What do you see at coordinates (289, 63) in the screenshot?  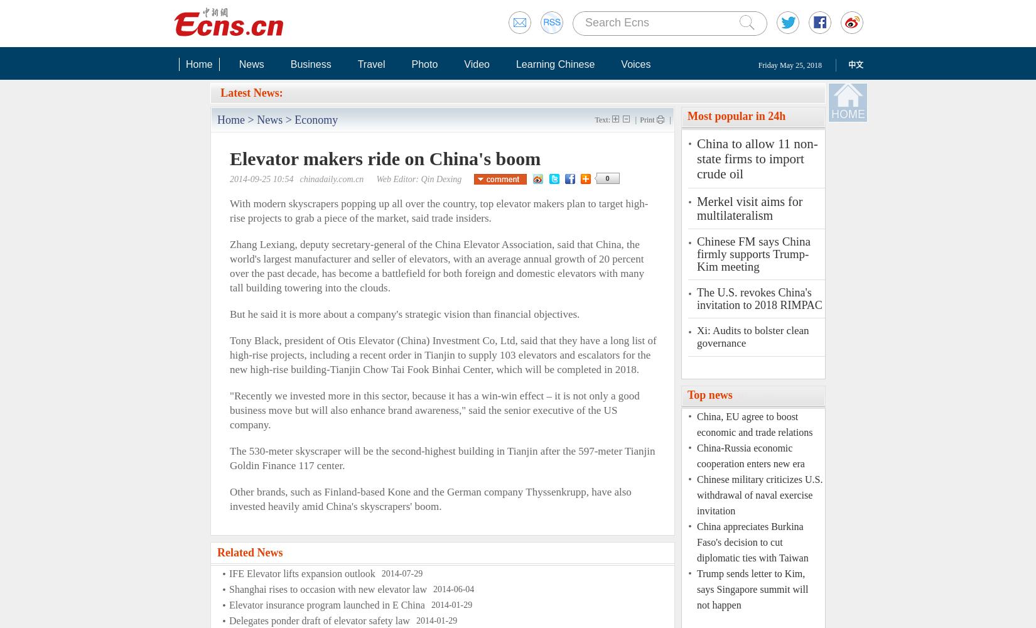 I see `'Business'` at bounding box center [289, 63].